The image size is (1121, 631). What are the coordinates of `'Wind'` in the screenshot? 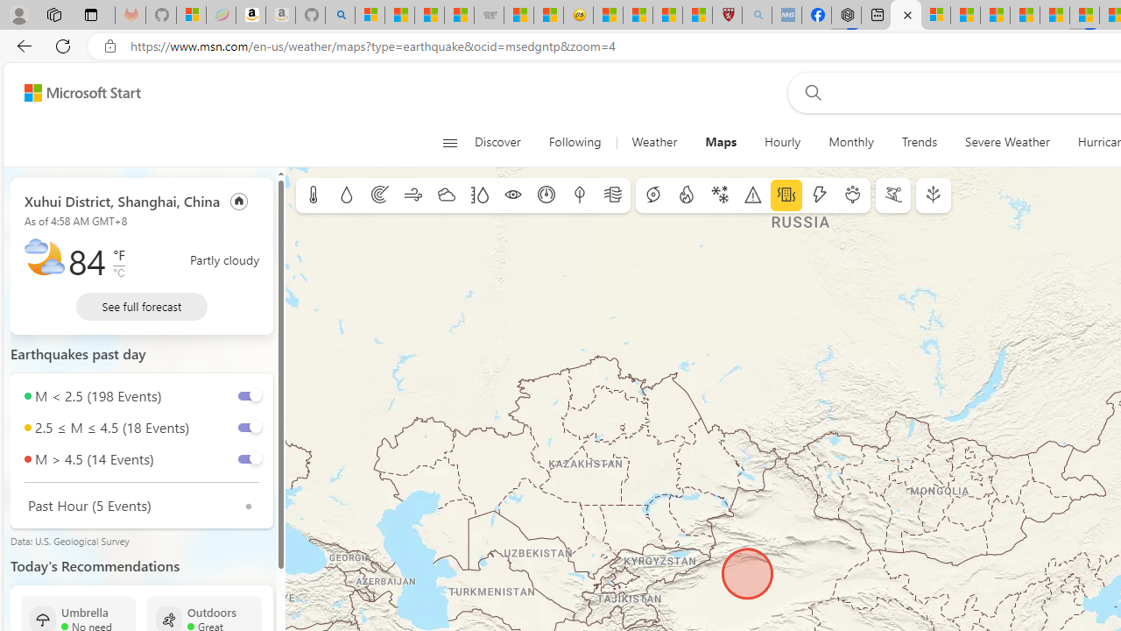 It's located at (412, 195).